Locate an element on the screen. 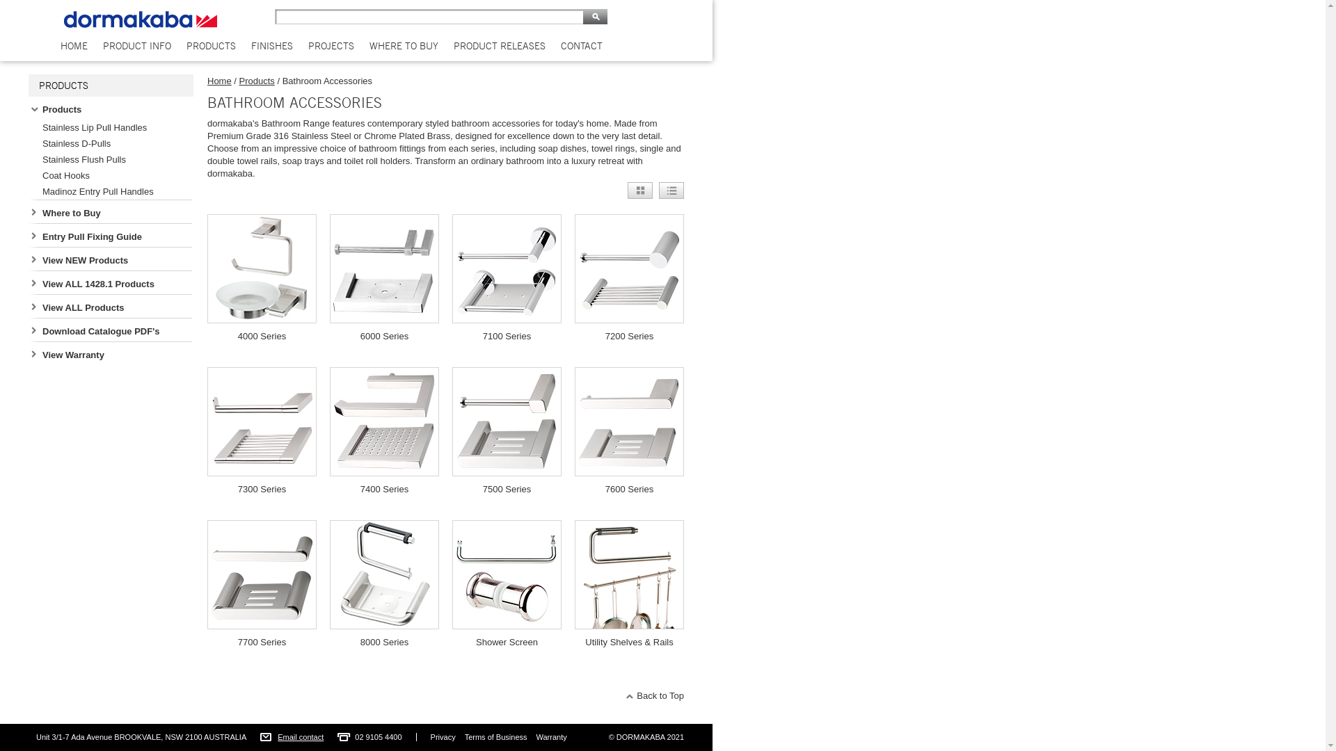 This screenshot has width=1336, height=751. 'Email contact' is located at coordinates (300, 736).